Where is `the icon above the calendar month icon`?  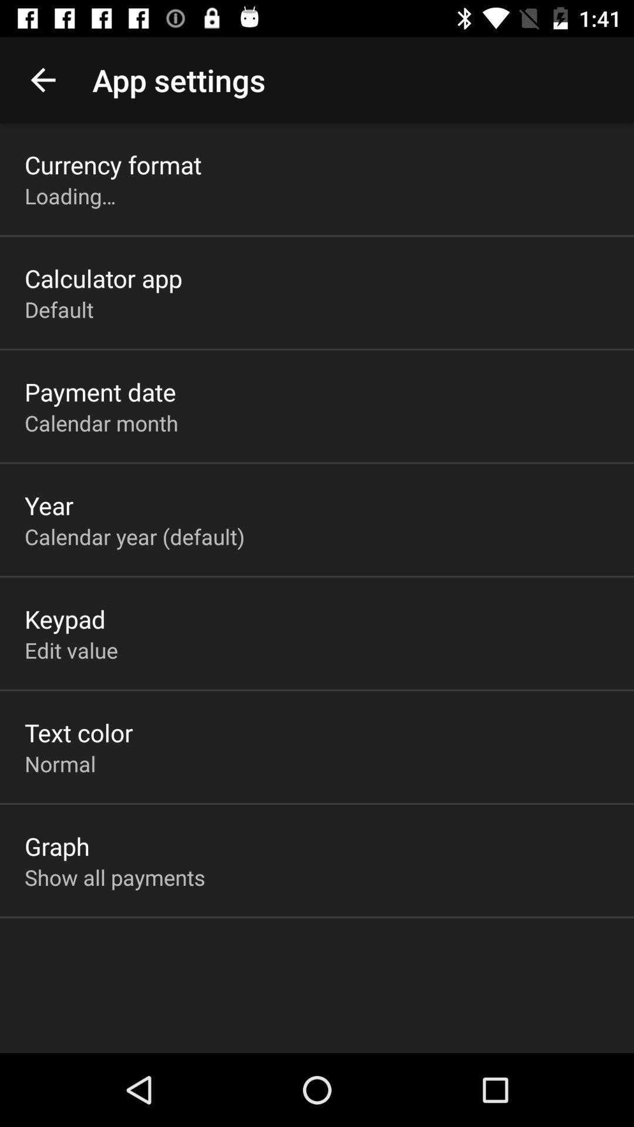 the icon above the calendar month icon is located at coordinates (99, 392).